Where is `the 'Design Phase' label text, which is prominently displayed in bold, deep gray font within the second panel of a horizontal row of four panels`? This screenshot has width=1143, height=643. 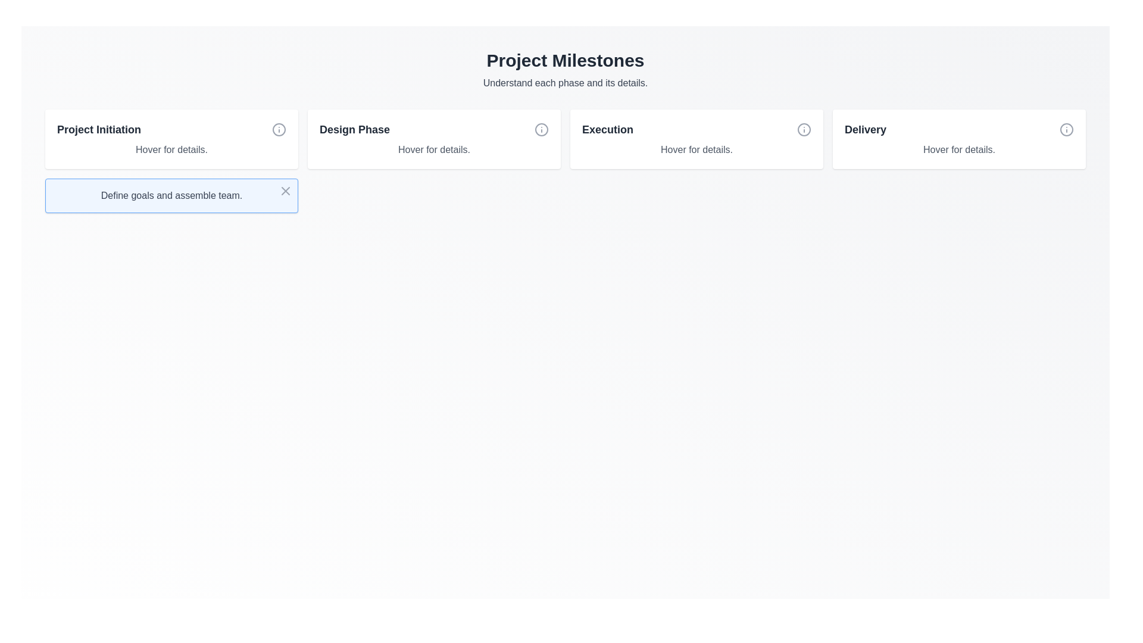
the 'Design Phase' label text, which is prominently displayed in bold, deep gray font within the second panel of a horizontal row of four panels is located at coordinates (354, 130).